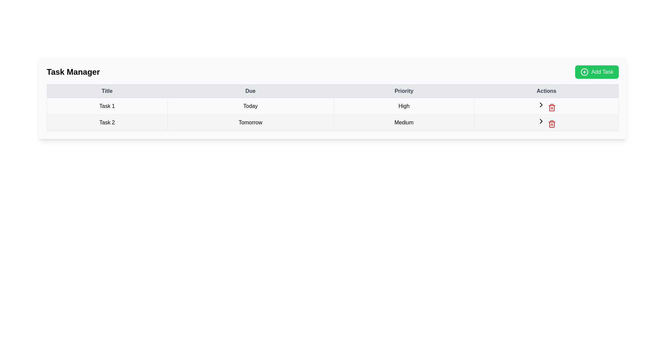  Describe the element at coordinates (250, 122) in the screenshot. I see `the text label containing the word 'Tomorrow' in the middle cell of the second row, which is centered with black text on a white background` at that location.